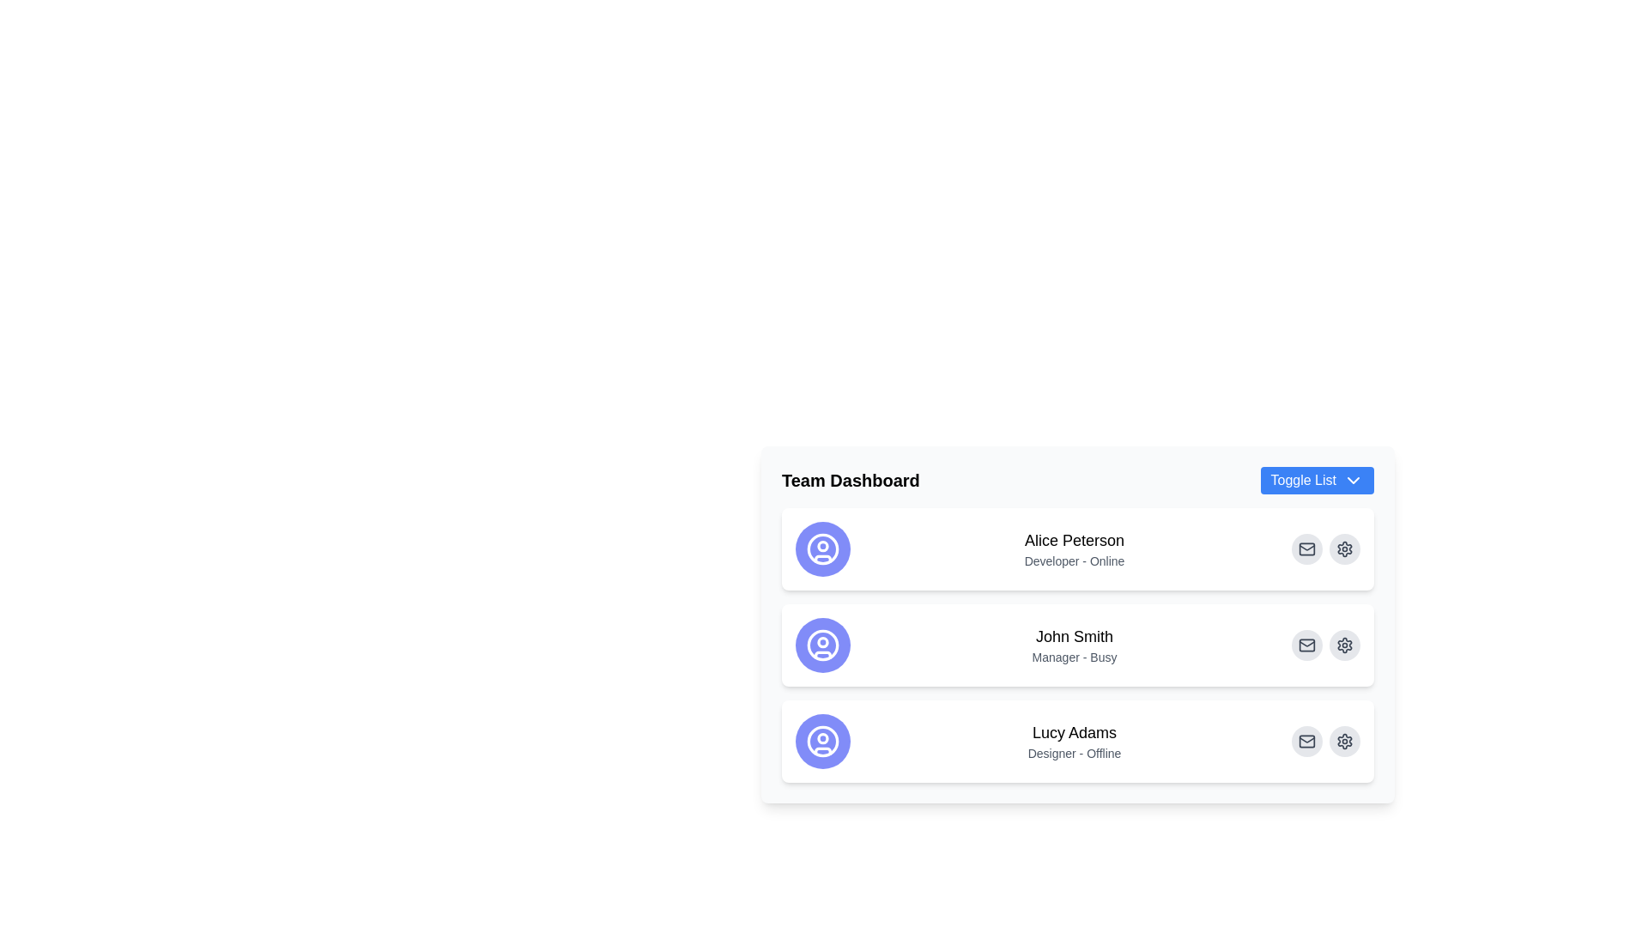 This screenshot has height=927, width=1648. I want to click on the top-left portion of the envelope icon's structural component that is part of the SVG representation, which is visually integral to the envelope design, so click(1306, 549).